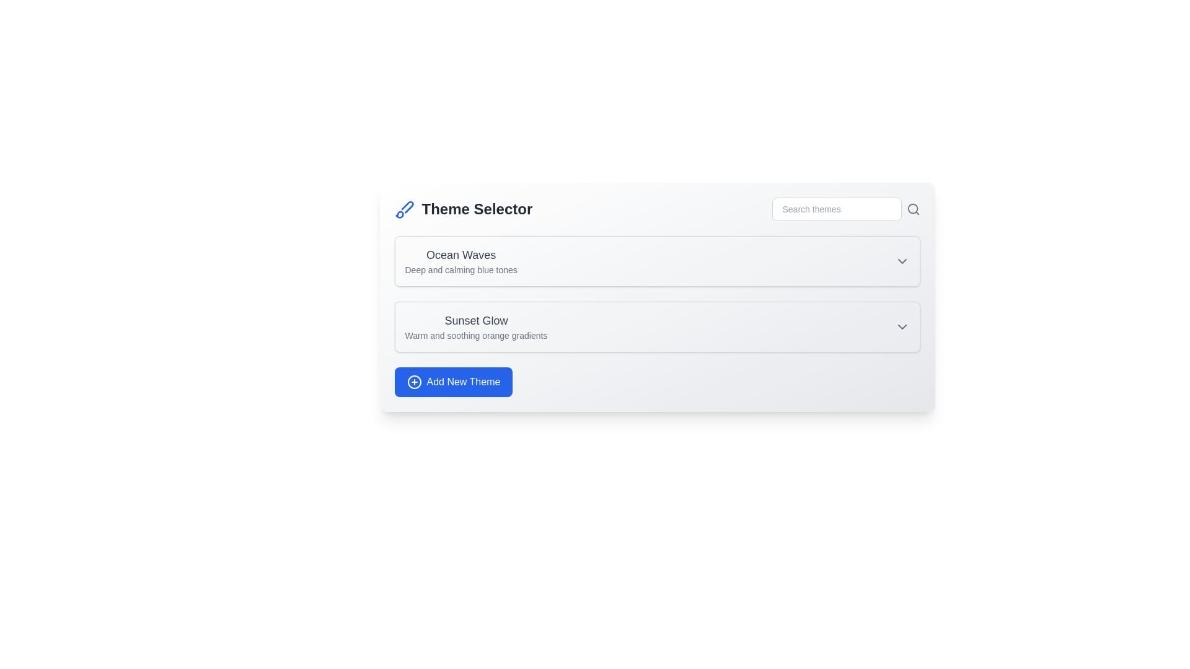  I want to click on the paintbrush icon located to the left of the 'Theme Selector' text in the top-left section of the interface, so click(404, 209).